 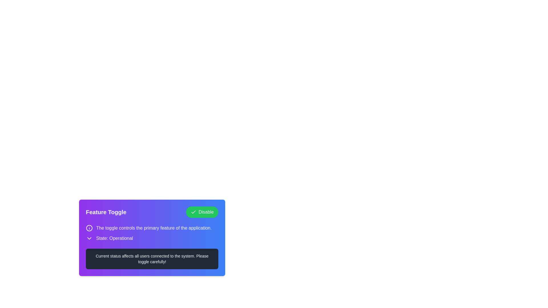 What do you see at coordinates (89, 238) in the screenshot?
I see `the Dropdown indicator icon (chevron) located in the 'State: Operational' section` at bounding box center [89, 238].